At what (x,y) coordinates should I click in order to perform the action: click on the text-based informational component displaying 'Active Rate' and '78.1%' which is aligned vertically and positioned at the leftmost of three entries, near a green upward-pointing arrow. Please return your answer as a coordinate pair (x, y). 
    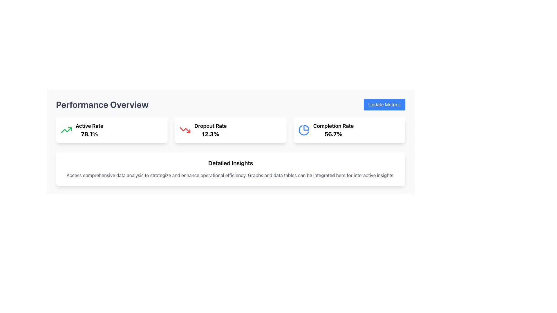
    Looking at the image, I should click on (89, 130).